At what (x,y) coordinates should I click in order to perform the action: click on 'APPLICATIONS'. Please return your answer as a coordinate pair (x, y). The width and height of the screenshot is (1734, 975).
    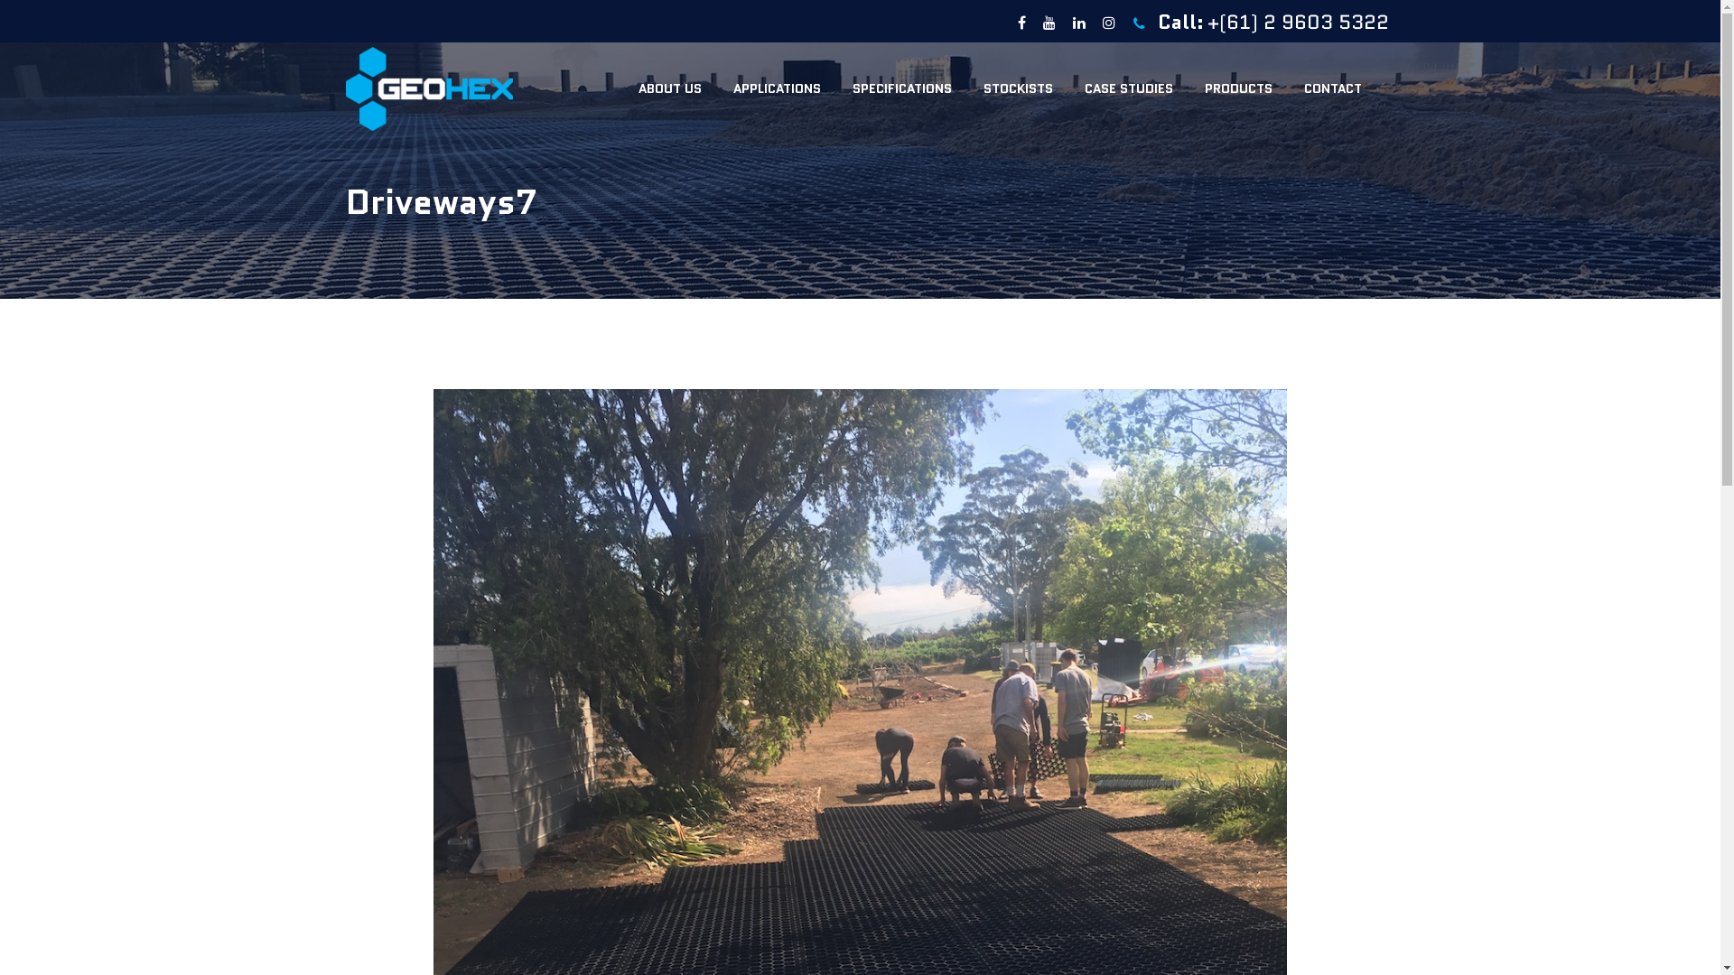
    Looking at the image, I should click on (776, 88).